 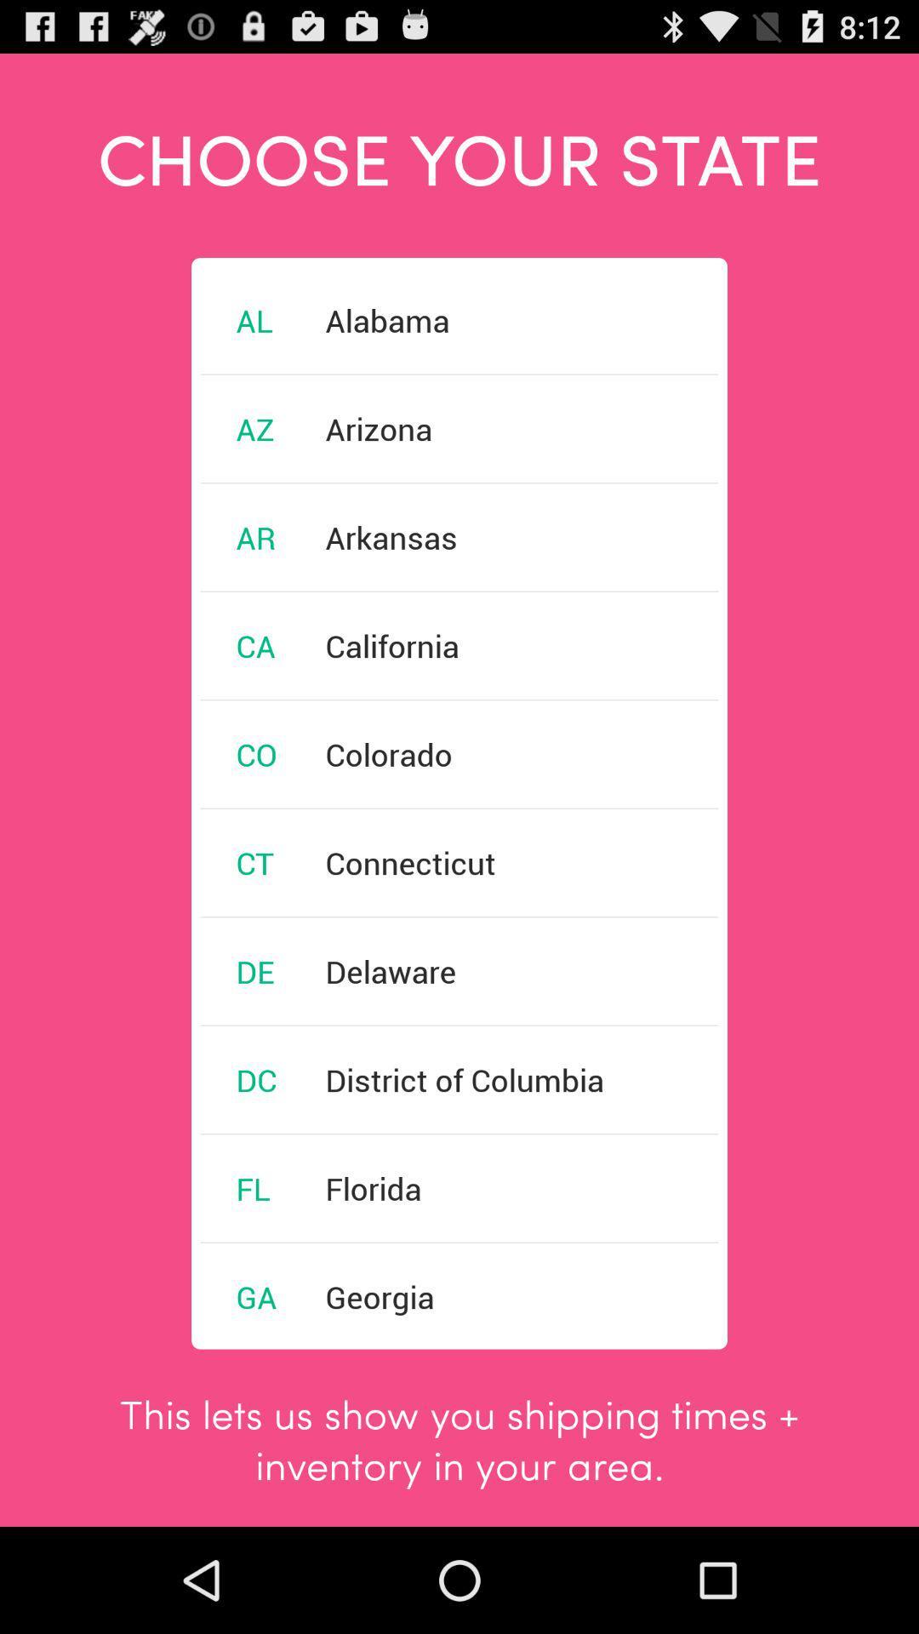 What do you see at coordinates (389, 753) in the screenshot?
I see `item next to the co` at bounding box center [389, 753].